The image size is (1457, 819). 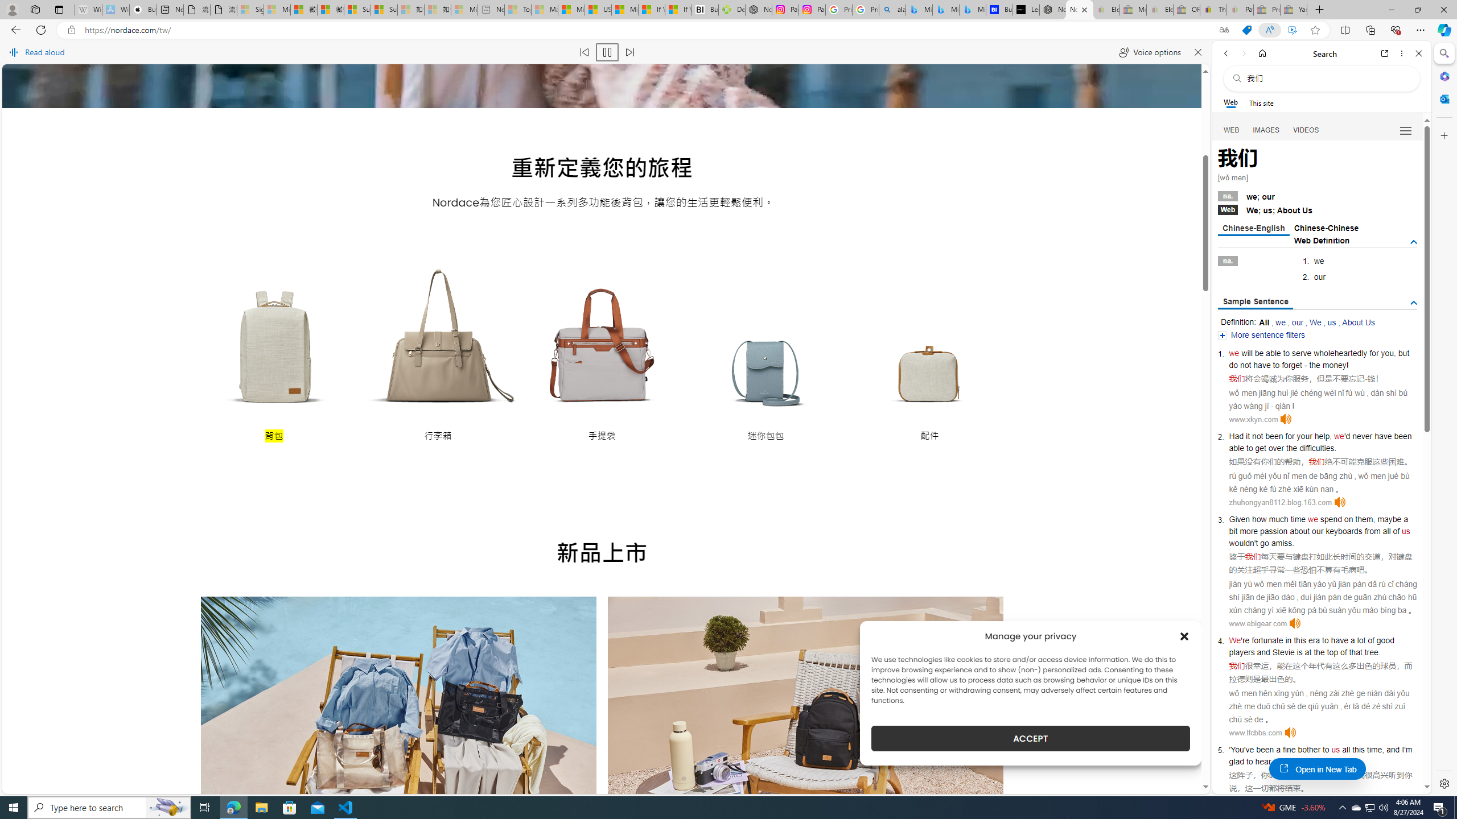 I want to click on 'all', so click(x=1345, y=749).